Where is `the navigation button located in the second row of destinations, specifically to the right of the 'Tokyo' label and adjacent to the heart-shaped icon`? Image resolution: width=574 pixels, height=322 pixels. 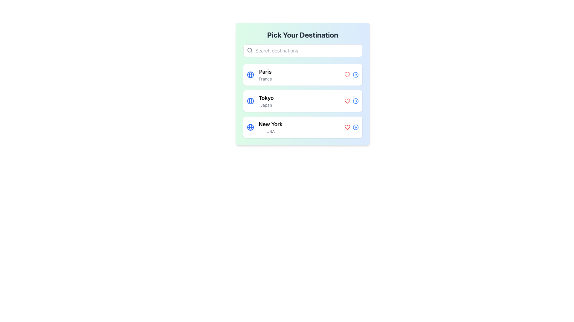 the navigation button located in the second row of destinations, specifically to the right of the 'Tokyo' label and adjacent to the heart-shaped icon is located at coordinates (355, 101).